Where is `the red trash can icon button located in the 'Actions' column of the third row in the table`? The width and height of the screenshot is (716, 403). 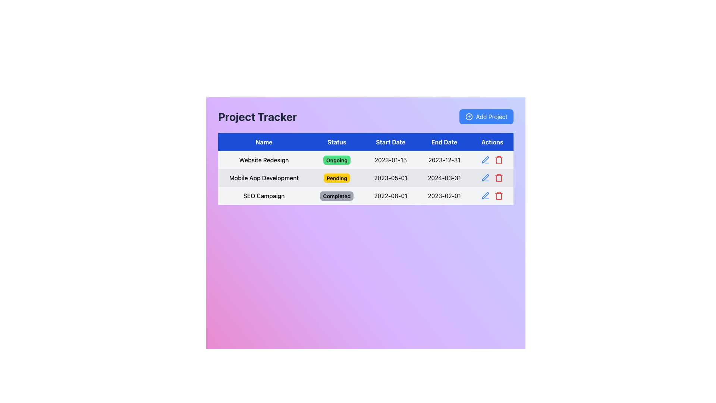 the red trash can icon button located in the 'Actions' column of the third row in the table is located at coordinates (499, 178).